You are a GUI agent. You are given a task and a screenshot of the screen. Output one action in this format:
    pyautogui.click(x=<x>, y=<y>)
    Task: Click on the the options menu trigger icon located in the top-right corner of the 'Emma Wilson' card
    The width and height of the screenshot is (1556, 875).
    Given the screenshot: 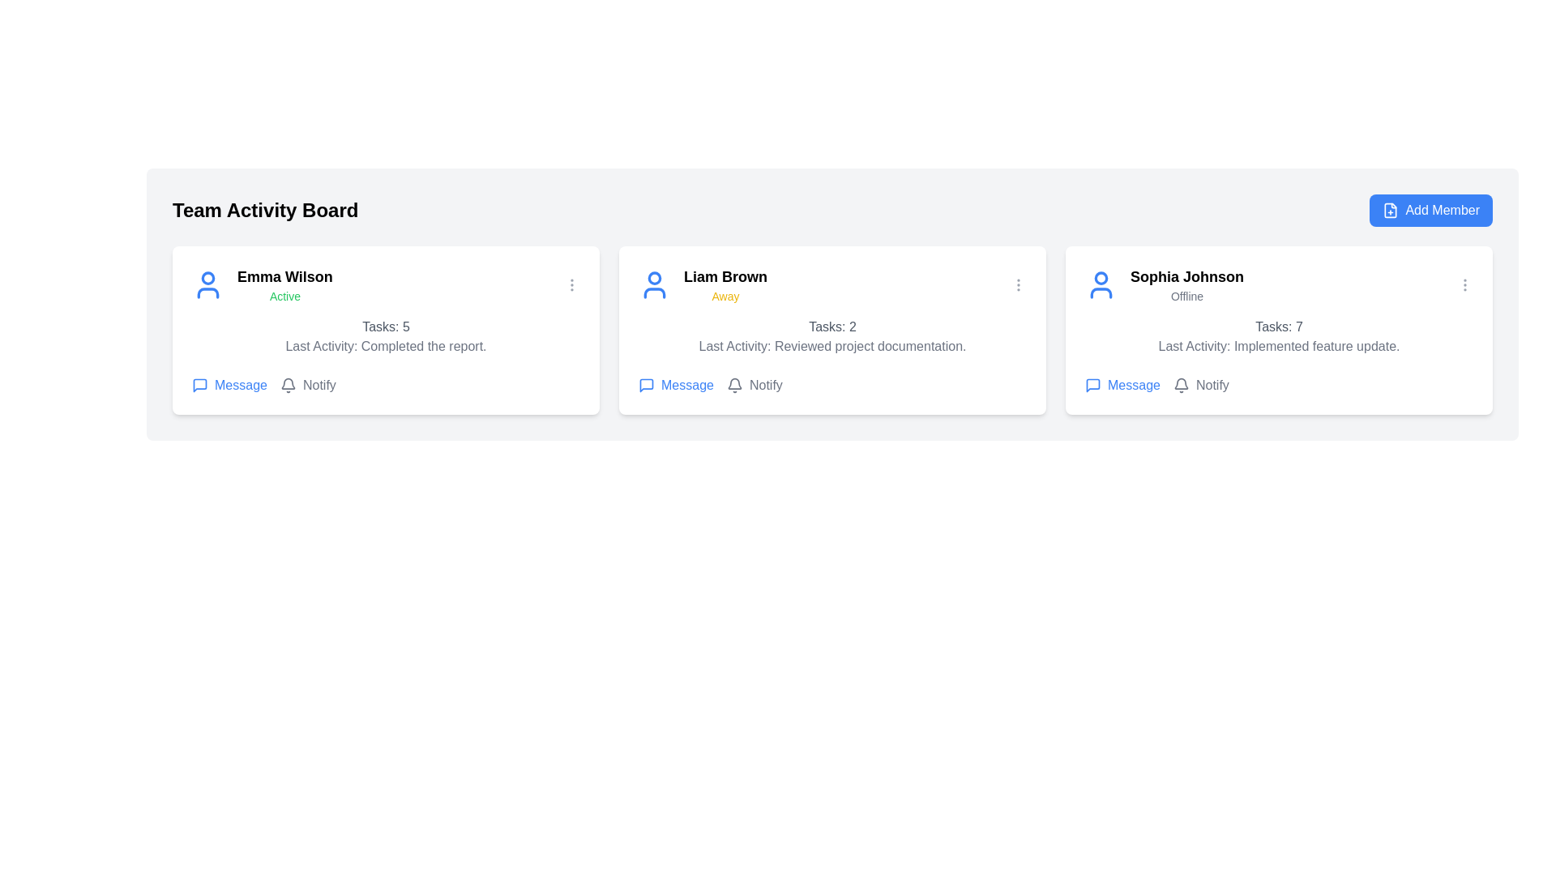 What is the action you would take?
    pyautogui.click(x=571, y=284)
    